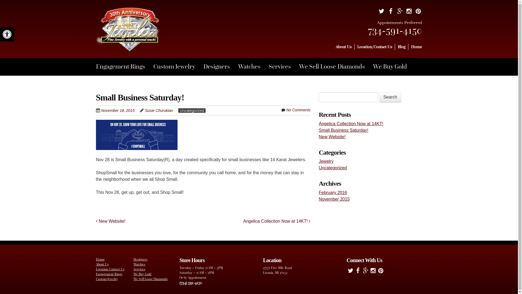 Image resolution: width=522 pixels, height=294 pixels. Describe the element at coordinates (377, 272) in the screenshot. I see `'Follow me on Pinterest'` at that location.